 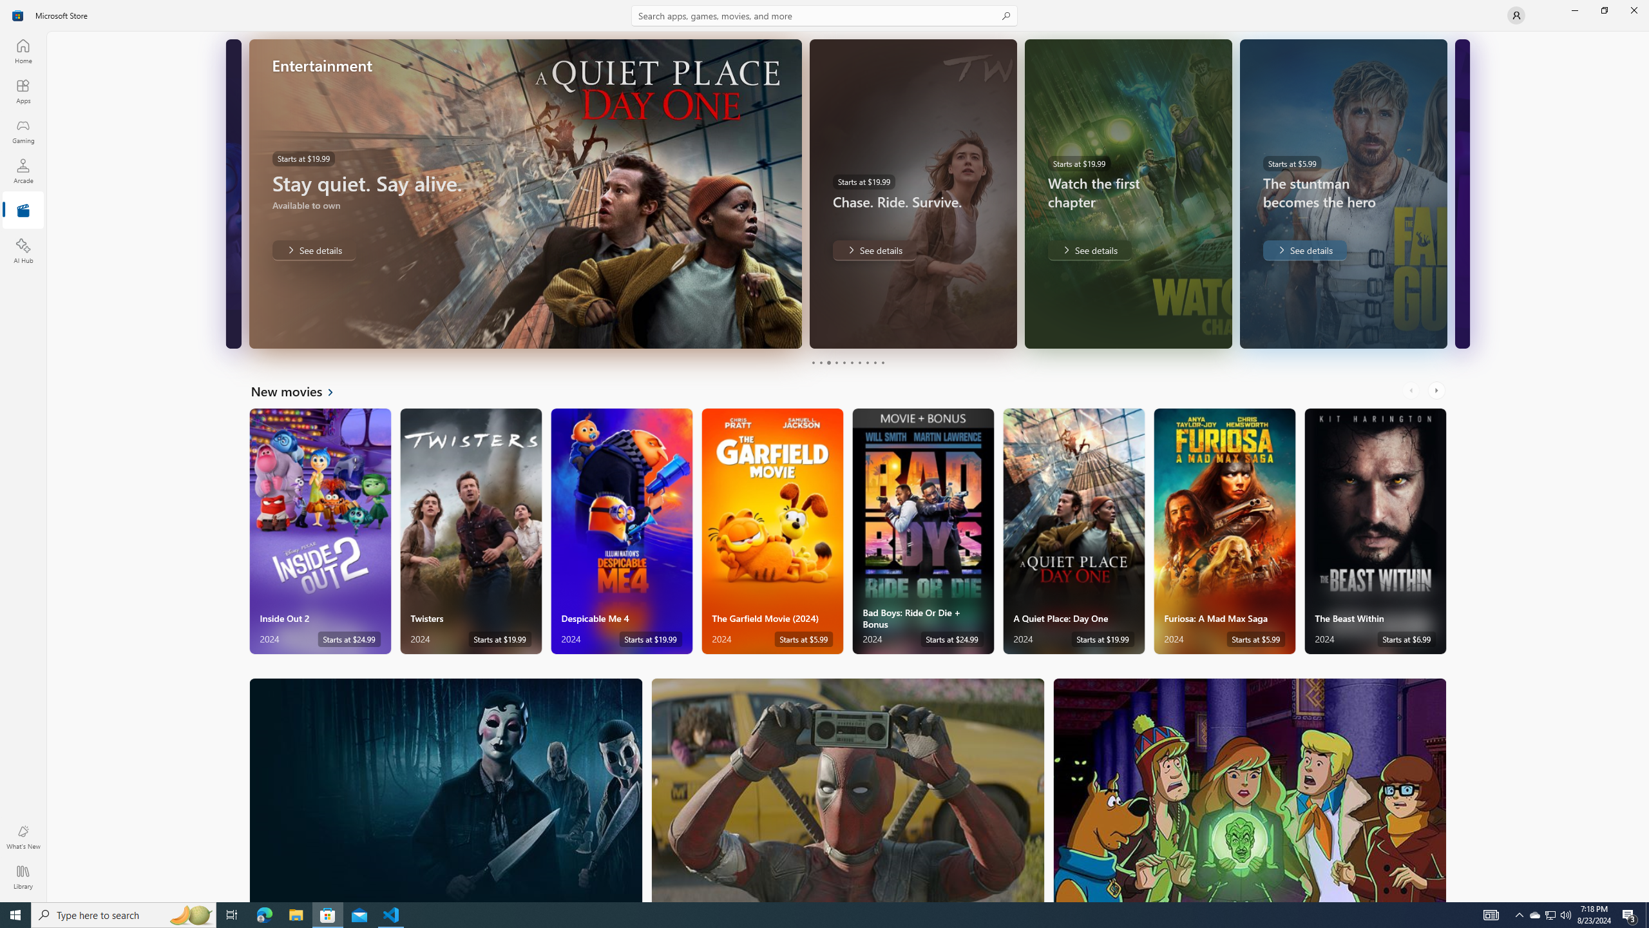 I want to click on 'Search', so click(x=824, y=15).